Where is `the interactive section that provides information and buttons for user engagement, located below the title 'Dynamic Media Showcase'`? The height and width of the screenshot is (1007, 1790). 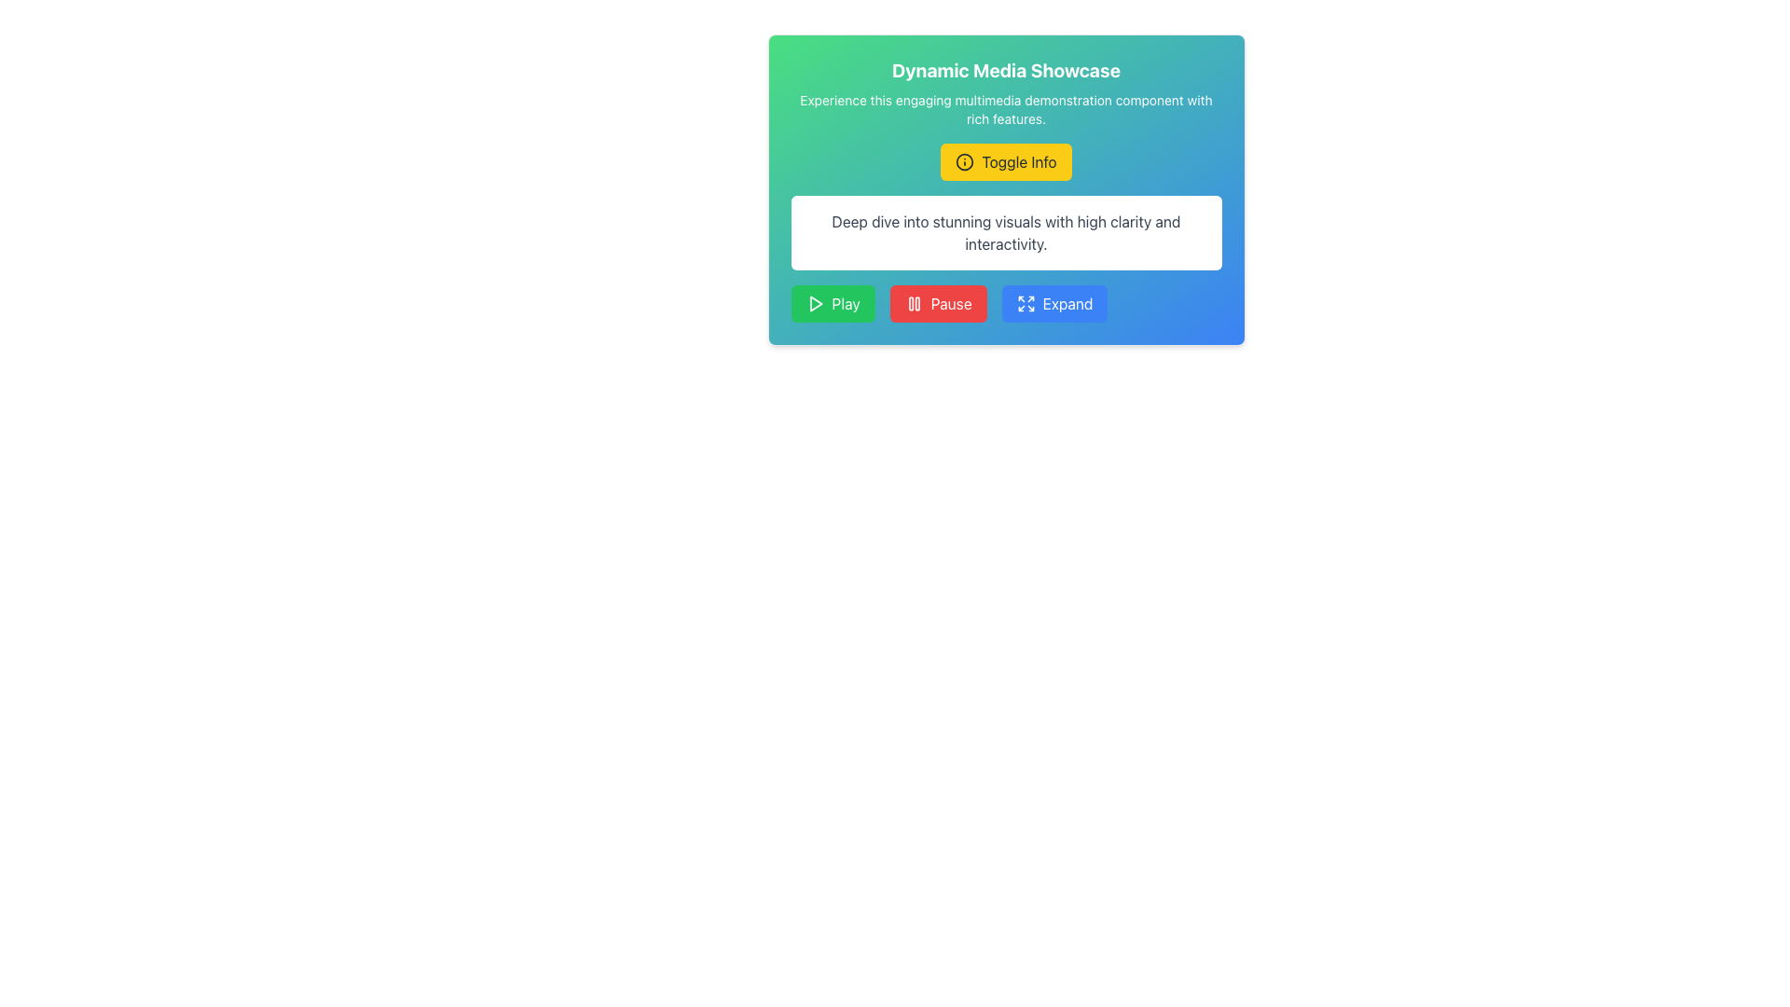
the interactive section that provides information and buttons for user engagement, located below the title 'Dynamic Media Showcase' is located at coordinates (1005, 190).